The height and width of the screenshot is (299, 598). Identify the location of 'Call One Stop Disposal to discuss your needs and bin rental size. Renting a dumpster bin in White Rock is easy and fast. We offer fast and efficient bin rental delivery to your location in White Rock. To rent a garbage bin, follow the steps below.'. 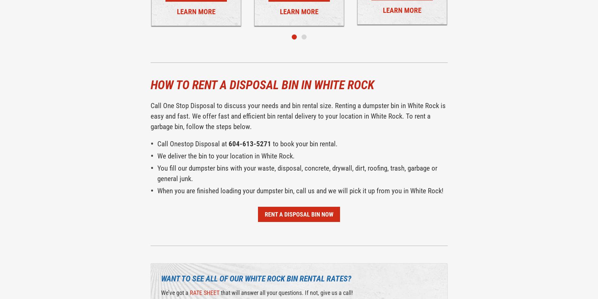
(297, 116).